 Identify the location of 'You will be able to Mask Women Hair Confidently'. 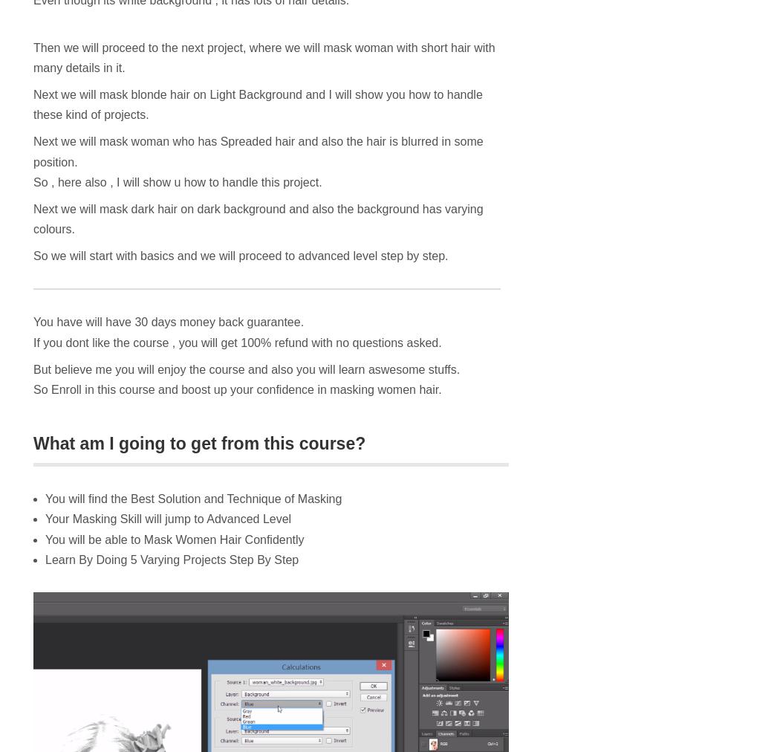
(45, 539).